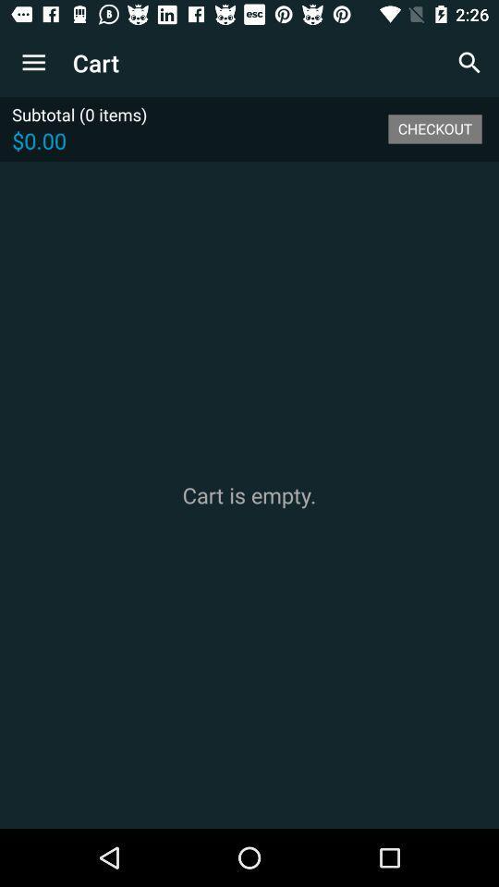  What do you see at coordinates (33, 63) in the screenshot?
I see `item next to the cart item` at bounding box center [33, 63].